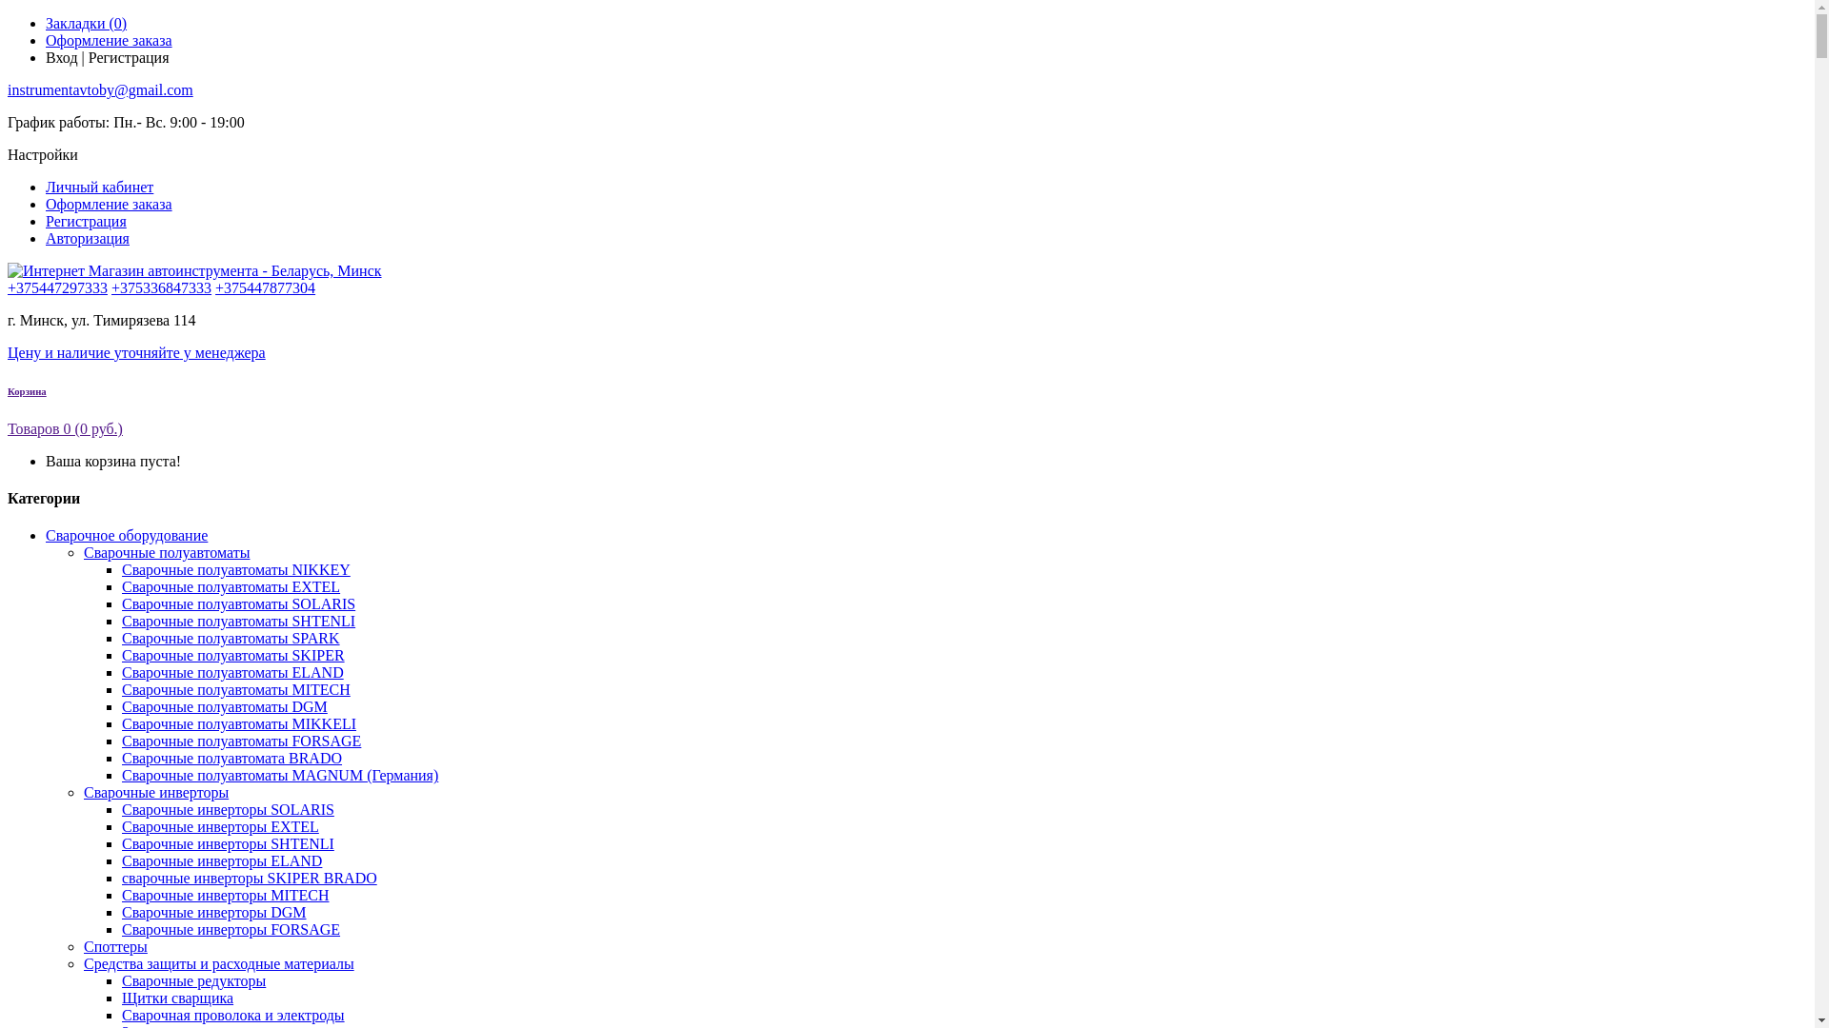  Describe the element at coordinates (214, 287) in the screenshot. I see `'+375447877304'` at that location.